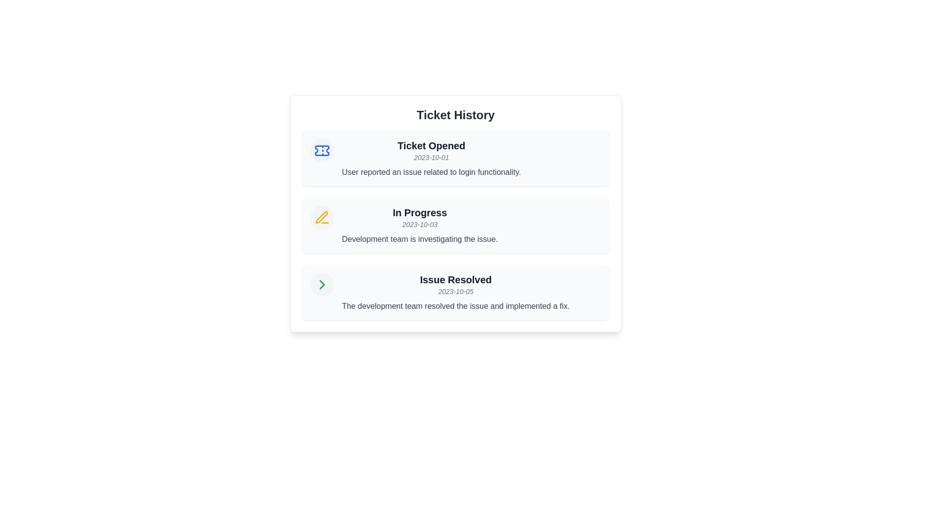 The image size is (946, 532). Describe the element at coordinates (455, 226) in the screenshot. I see `the Informational Card that displays 'In Progress', which is the second card in a vertical list of three status cards` at that location.